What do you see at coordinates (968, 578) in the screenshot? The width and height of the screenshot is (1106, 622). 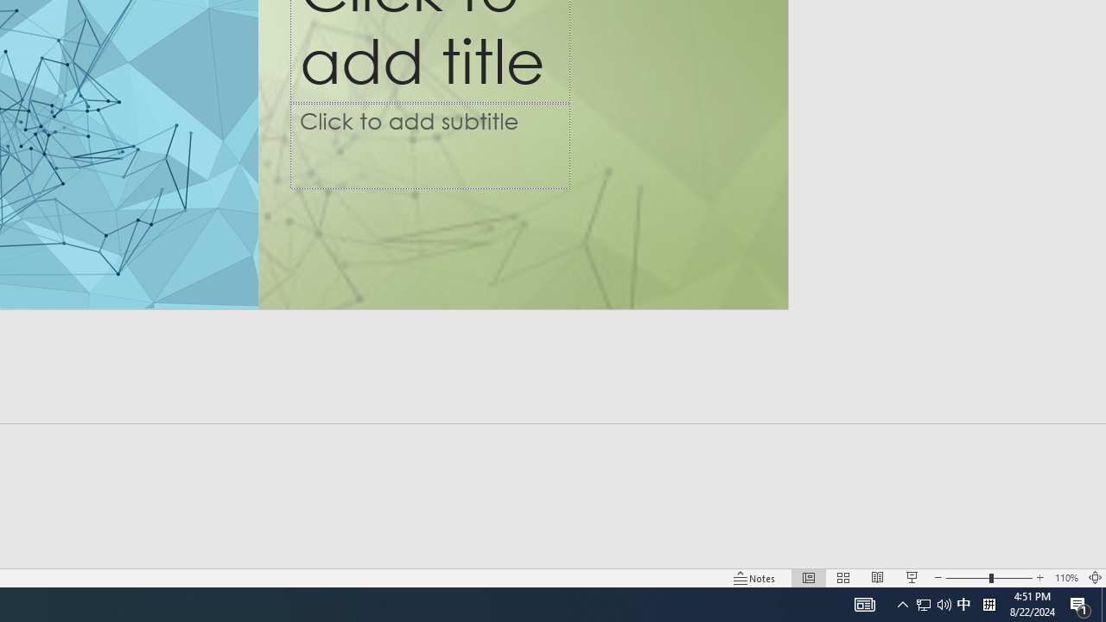 I see `'Zoom Out'` at bounding box center [968, 578].